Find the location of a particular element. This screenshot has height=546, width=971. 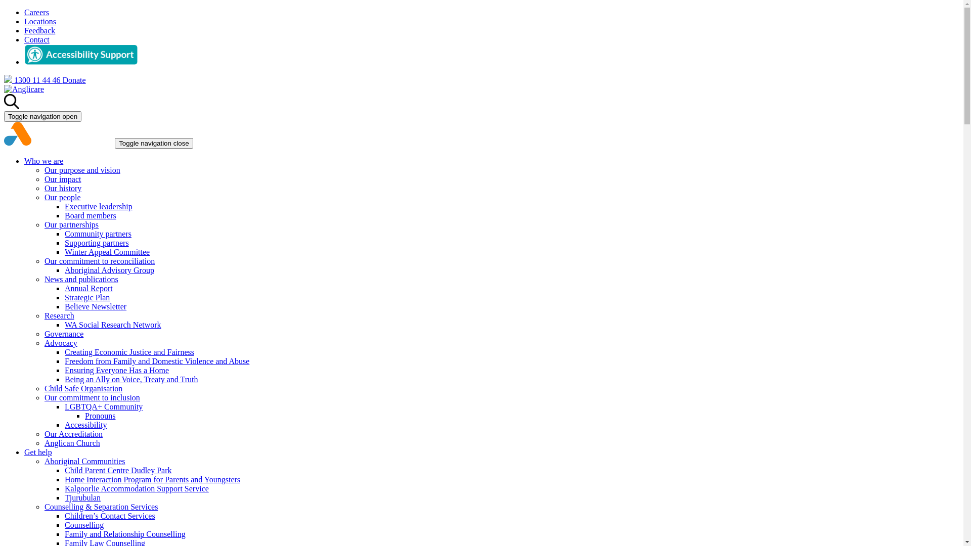

'Strategic Plan' is located at coordinates (87, 297).